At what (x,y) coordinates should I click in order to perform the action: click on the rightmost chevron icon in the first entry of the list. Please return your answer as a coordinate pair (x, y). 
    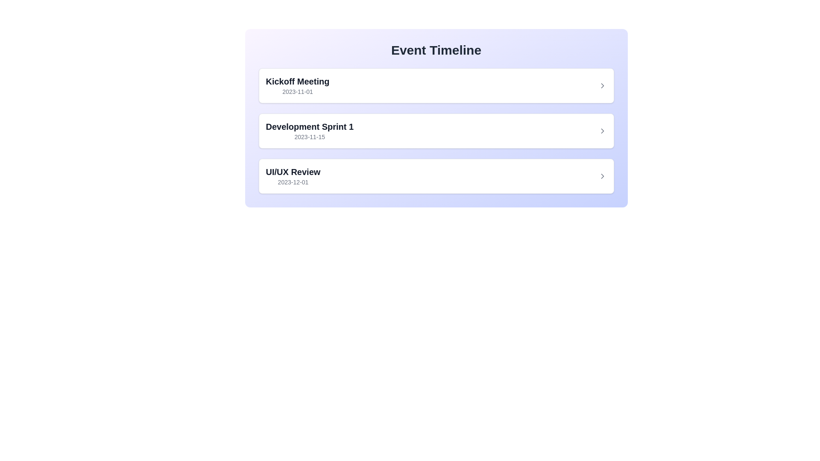
    Looking at the image, I should click on (602, 85).